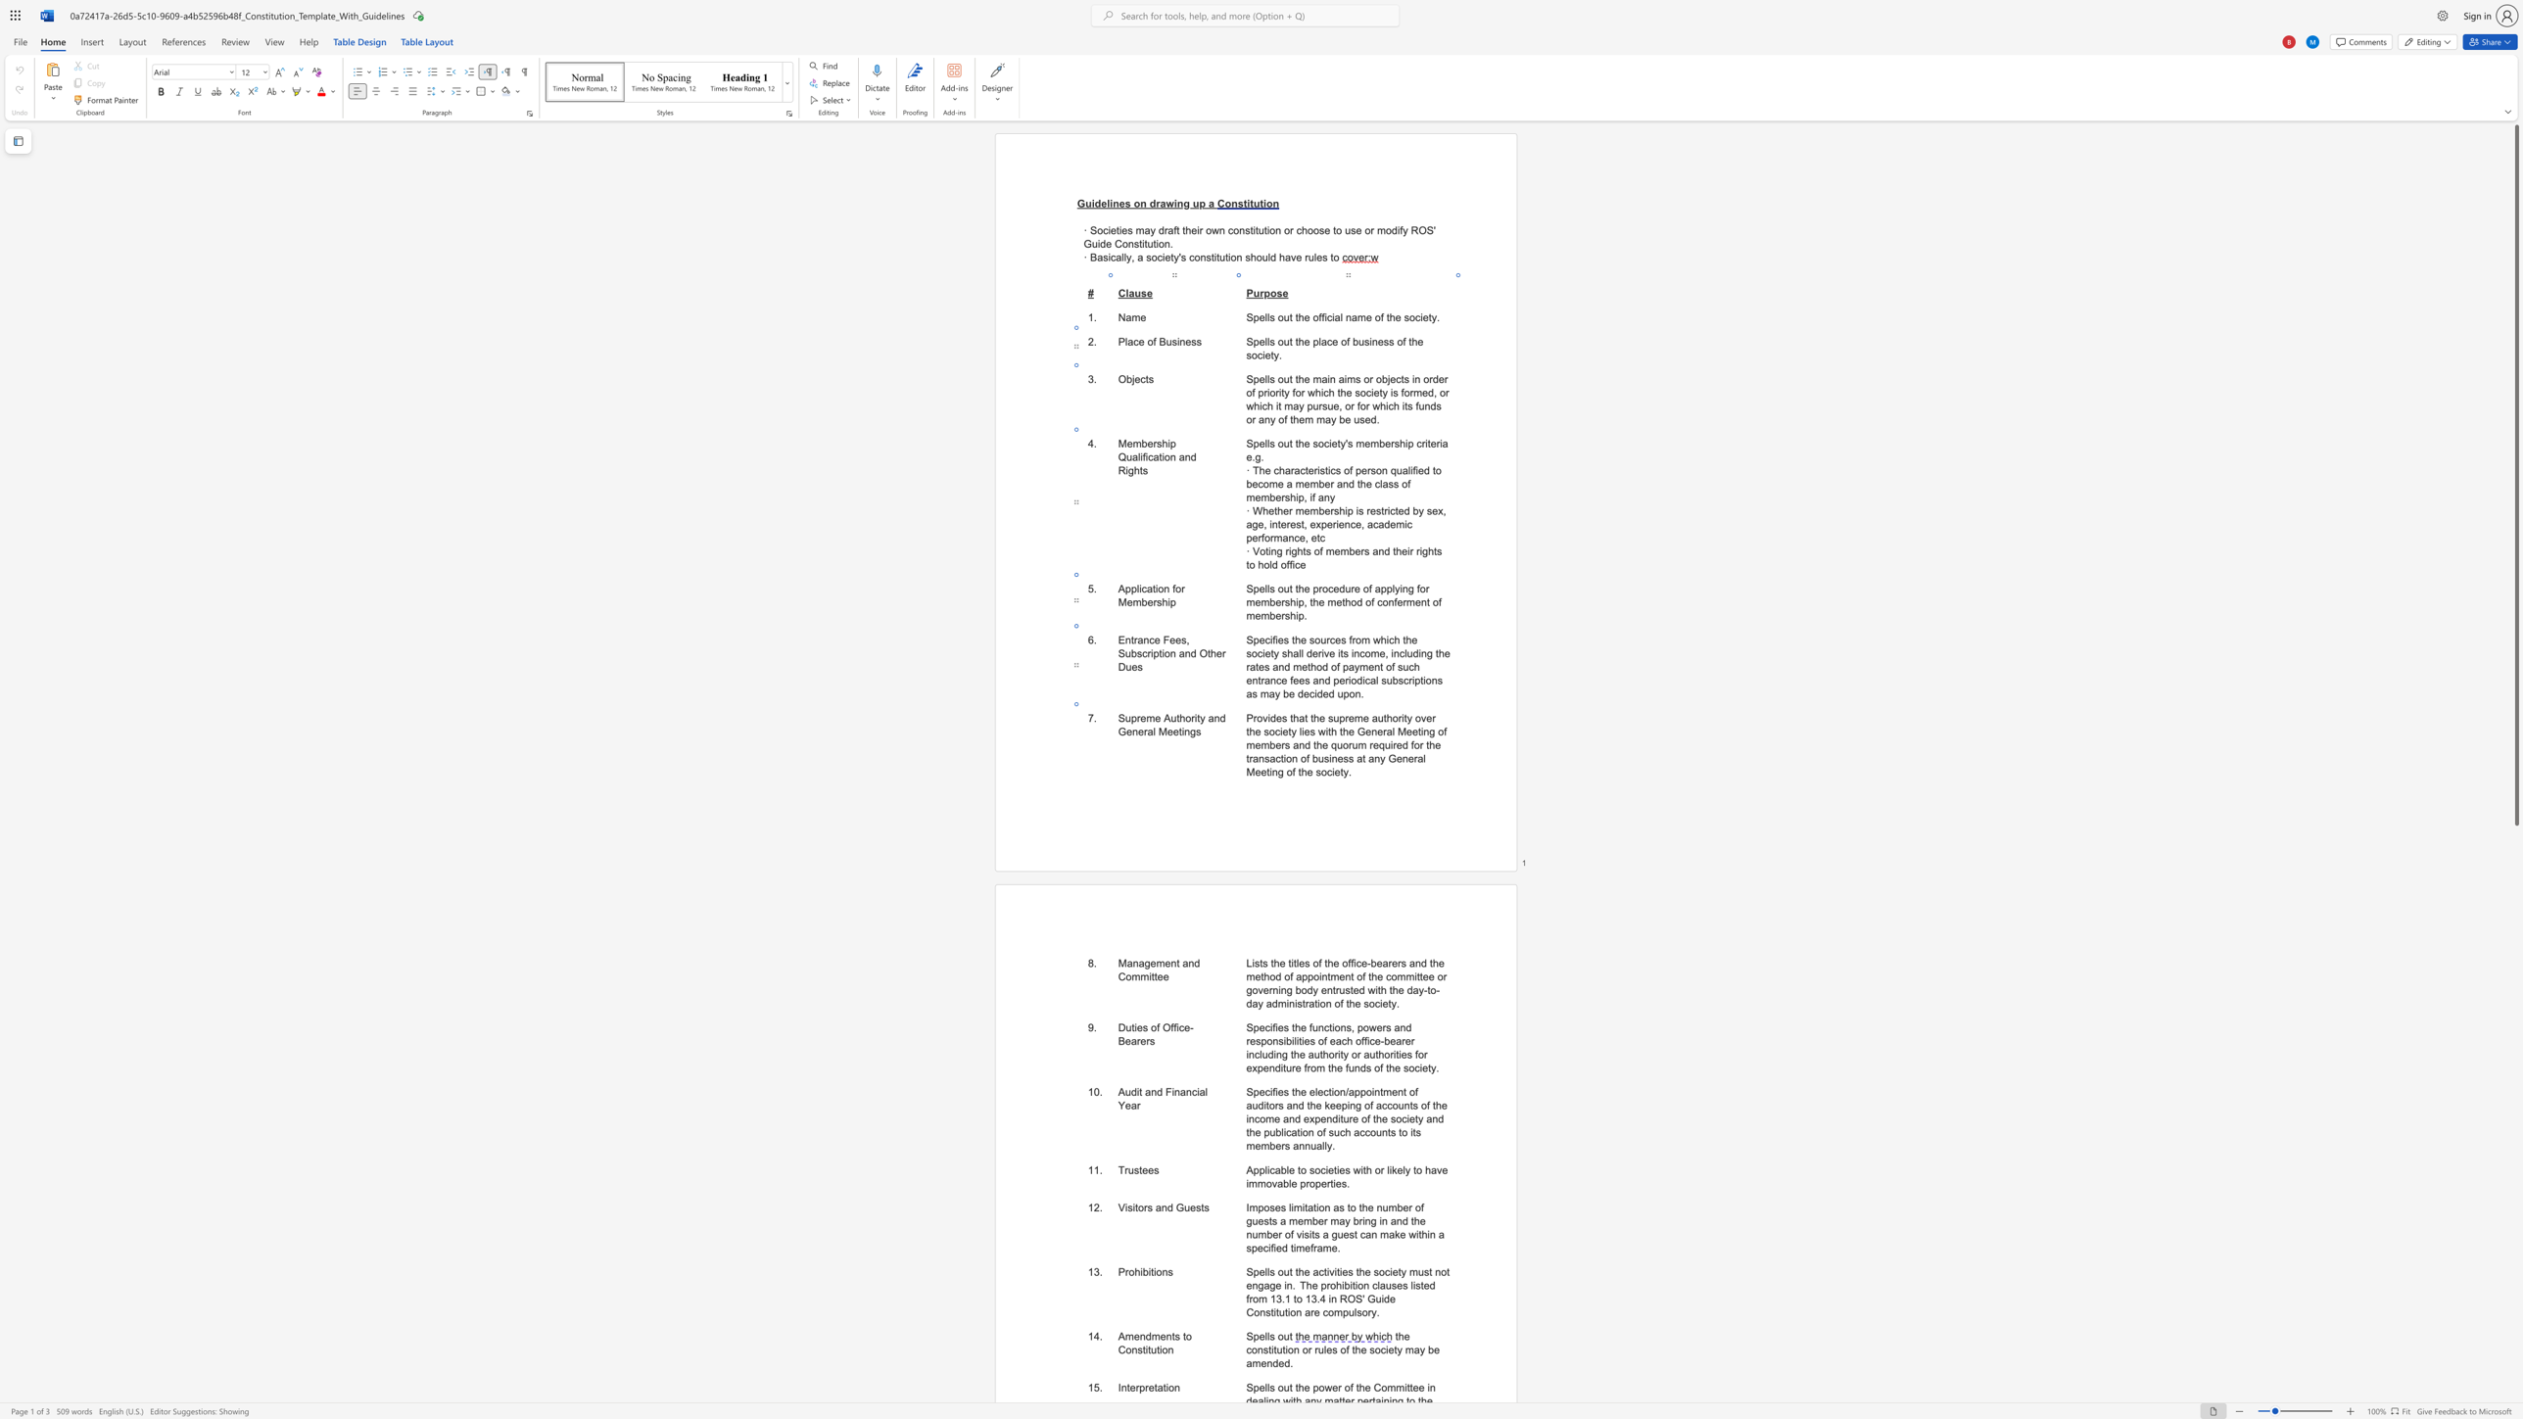 The height and width of the screenshot is (1419, 2523). I want to click on the 1th character "h" in the text, so click(1182, 718).